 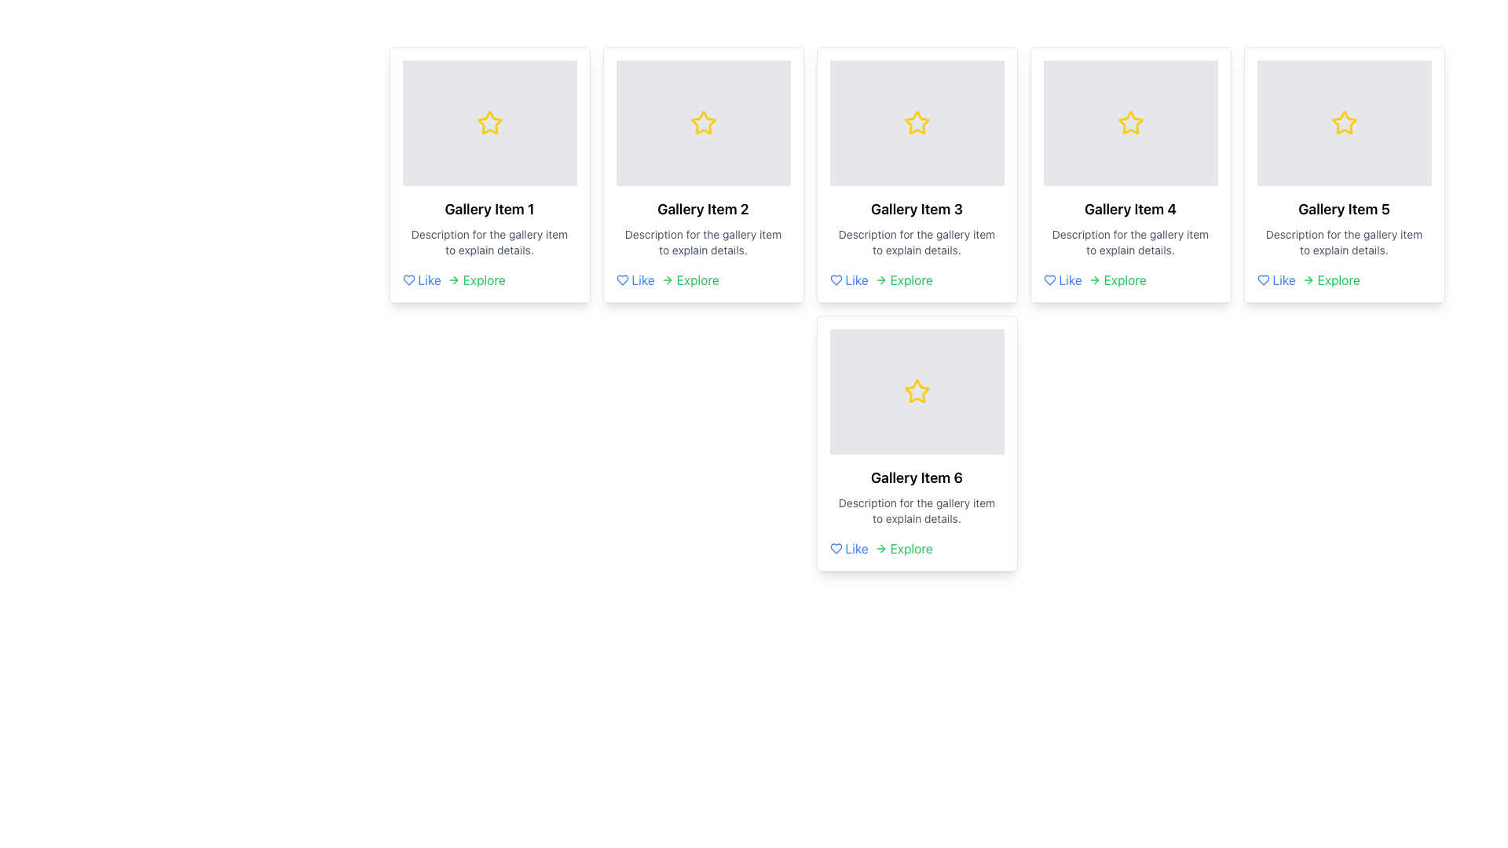 I want to click on the Interactive Card for 'Gallery Item 6' which is located in the second row, first column of the gallery grid layout, directly under 'Gallery Item 3', so click(x=917, y=443).